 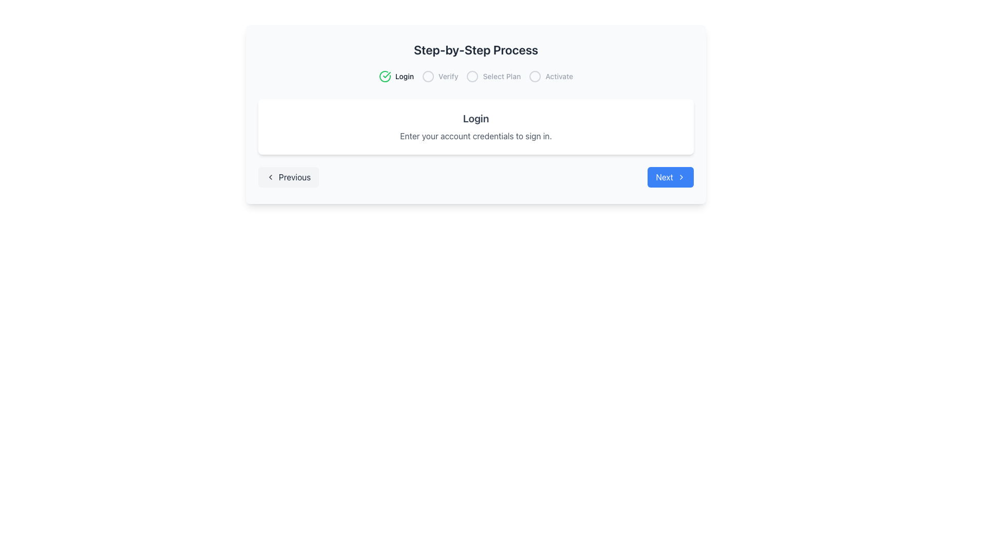 What do you see at coordinates (448, 76) in the screenshot?
I see `the 'Verify' text label, which is rendered in light gray font and is positioned to the right of the 'Login' step in the stepper flow` at bounding box center [448, 76].